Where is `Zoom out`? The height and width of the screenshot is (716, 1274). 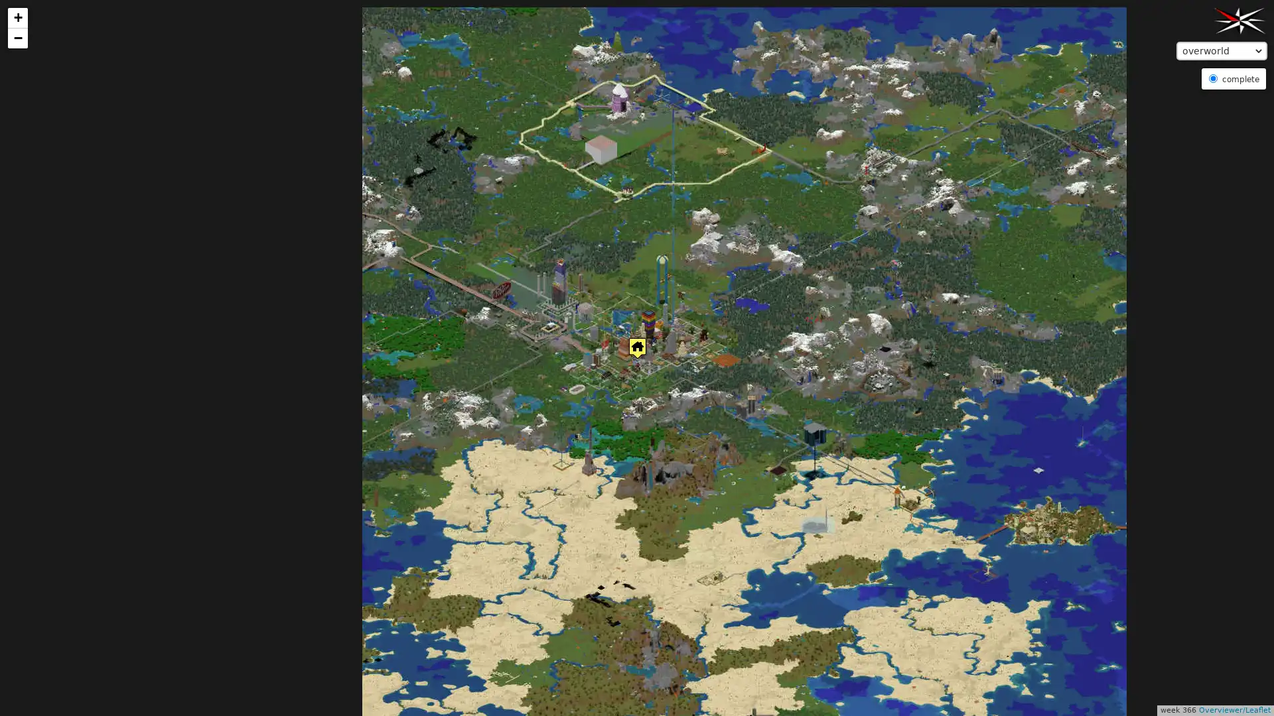 Zoom out is located at coordinates (18, 37).